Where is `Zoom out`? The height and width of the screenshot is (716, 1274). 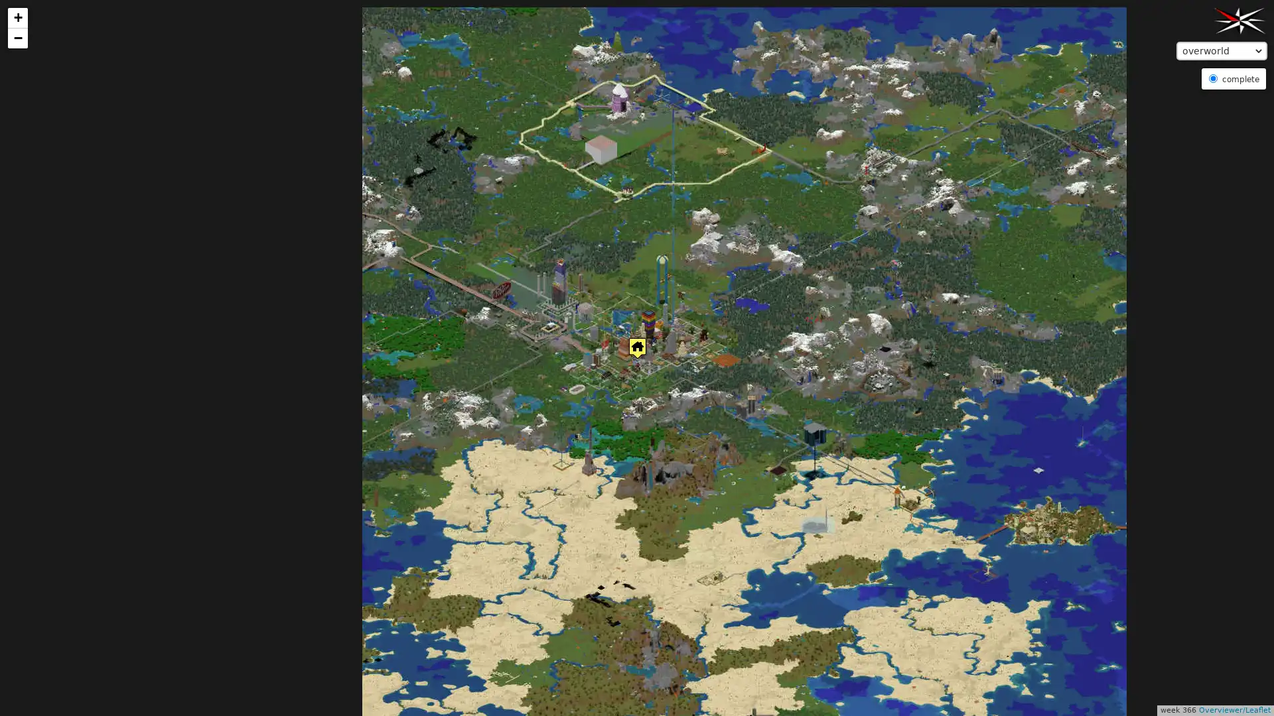 Zoom out is located at coordinates (18, 37).